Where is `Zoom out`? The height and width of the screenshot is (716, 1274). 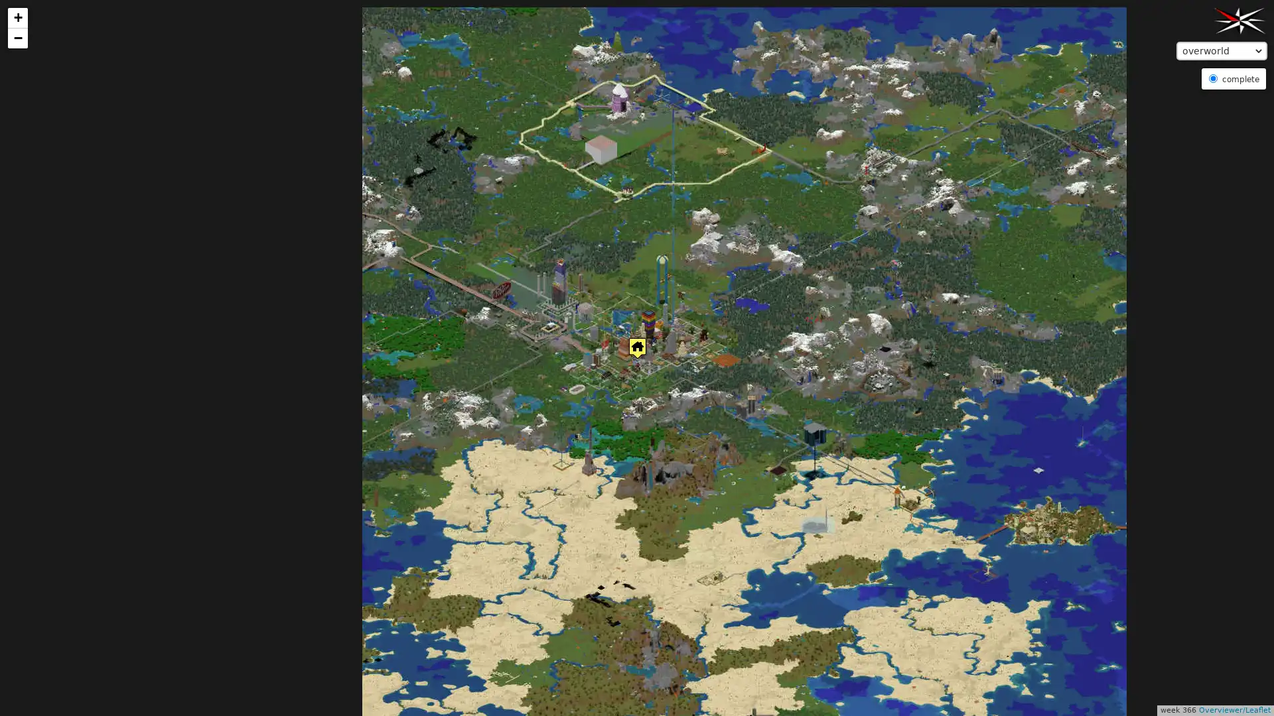 Zoom out is located at coordinates (18, 37).